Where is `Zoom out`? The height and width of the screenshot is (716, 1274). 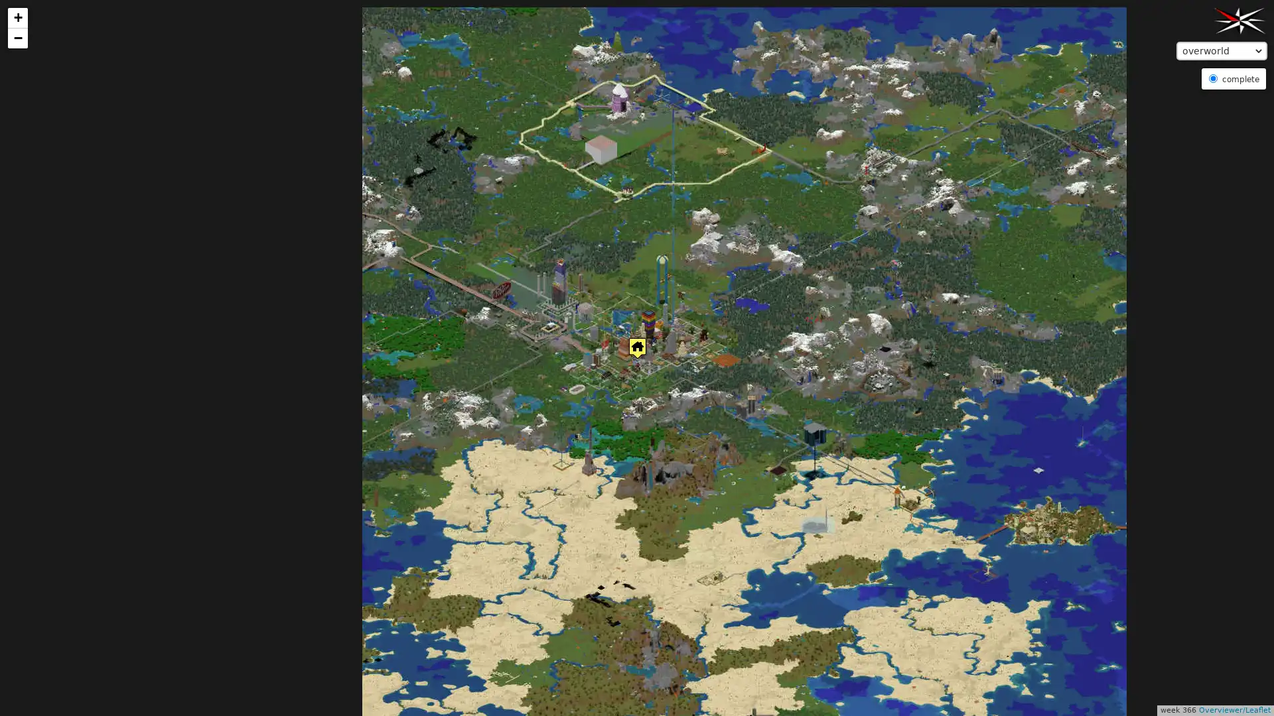 Zoom out is located at coordinates (18, 37).